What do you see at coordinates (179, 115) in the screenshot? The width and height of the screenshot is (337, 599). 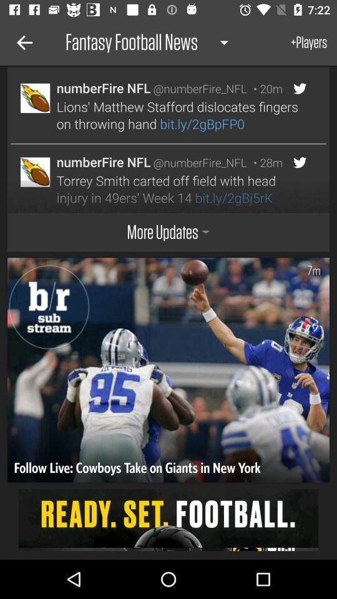 I see `icon below the numberfire nfl` at bounding box center [179, 115].